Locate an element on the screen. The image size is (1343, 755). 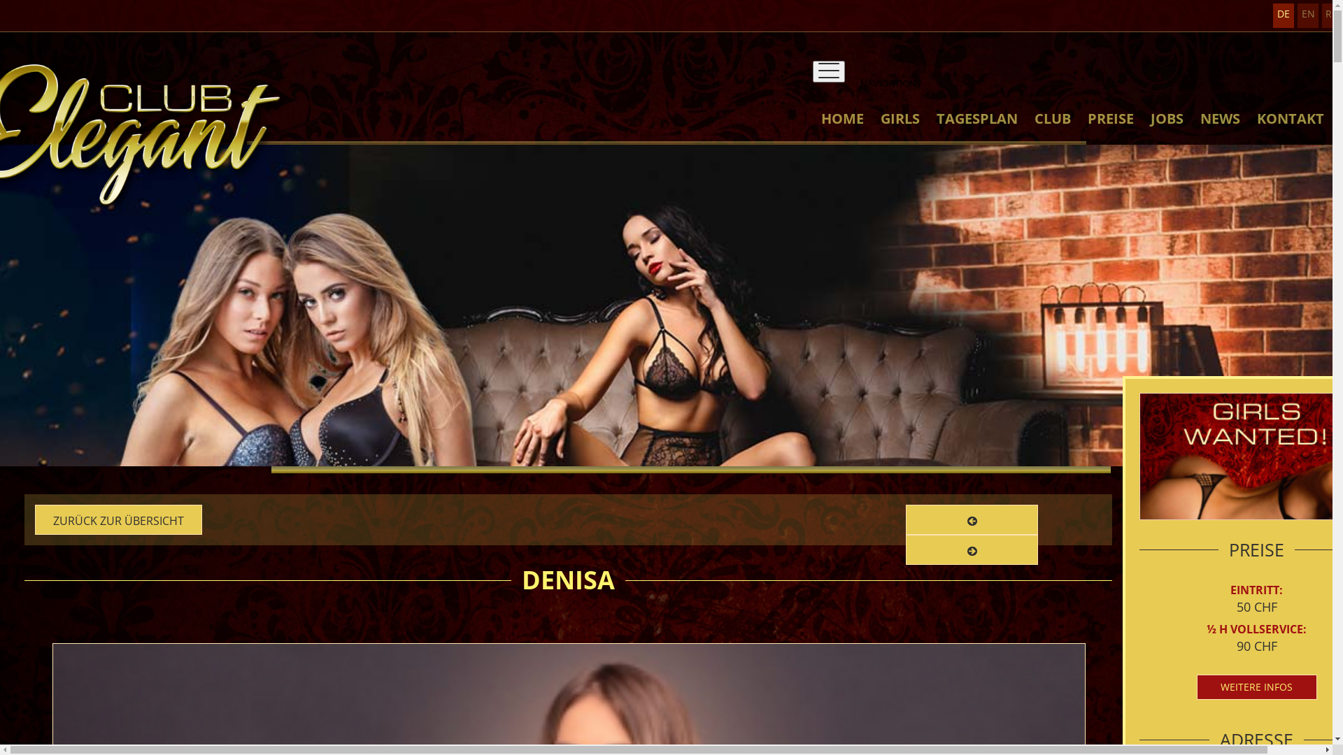
'WEITERE INFOS' is located at coordinates (1256, 686).